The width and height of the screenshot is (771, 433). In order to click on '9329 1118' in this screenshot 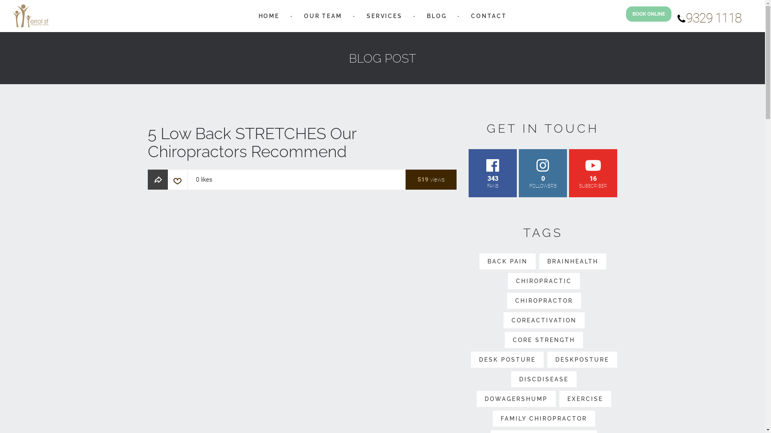, I will do `click(677, 20)`.